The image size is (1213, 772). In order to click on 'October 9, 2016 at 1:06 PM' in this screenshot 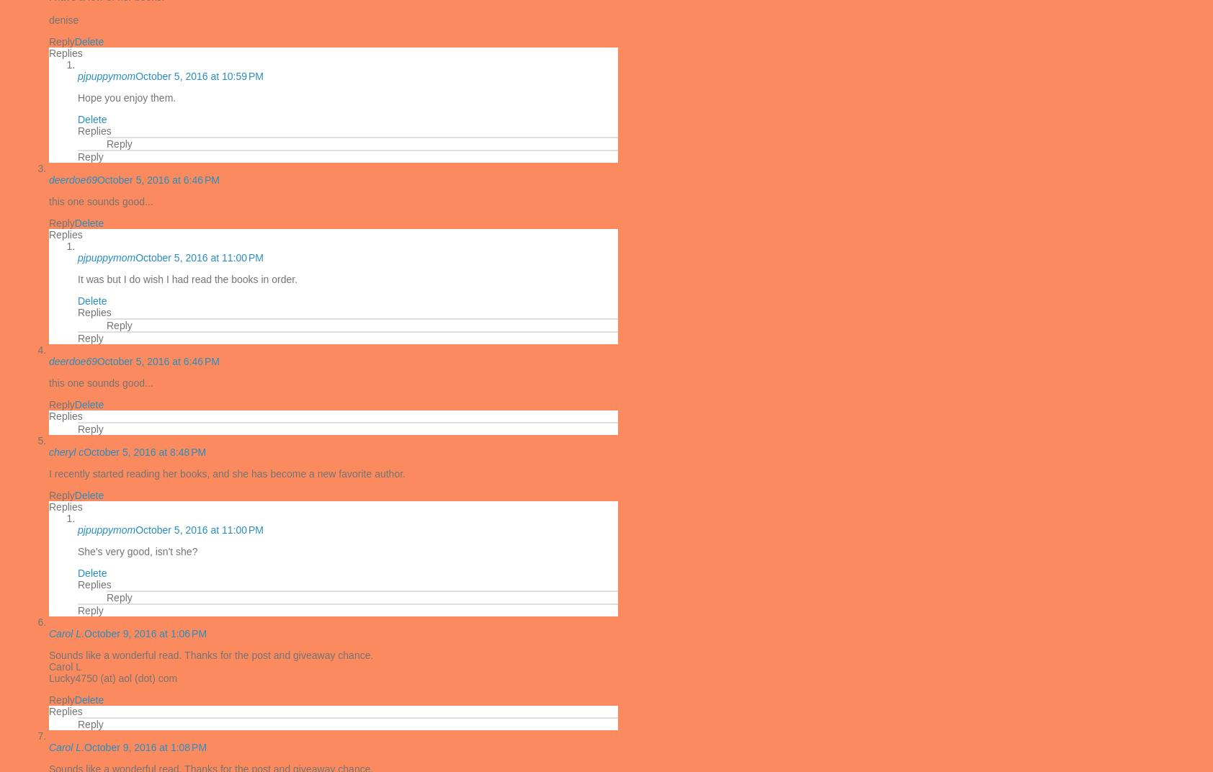, I will do `click(145, 634)`.